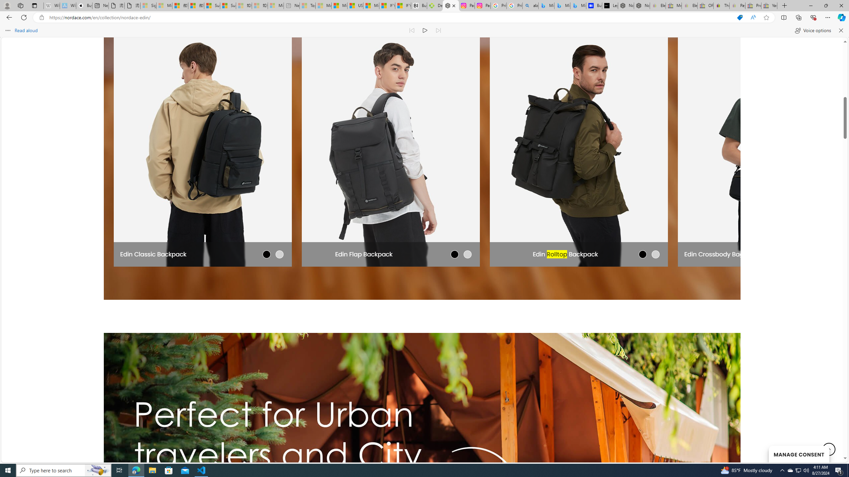 This screenshot has height=477, width=849. Describe the element at coordinates (530, 5) in the screenshot. I see `'alabama high school quarterback dies - Search'` at that location.